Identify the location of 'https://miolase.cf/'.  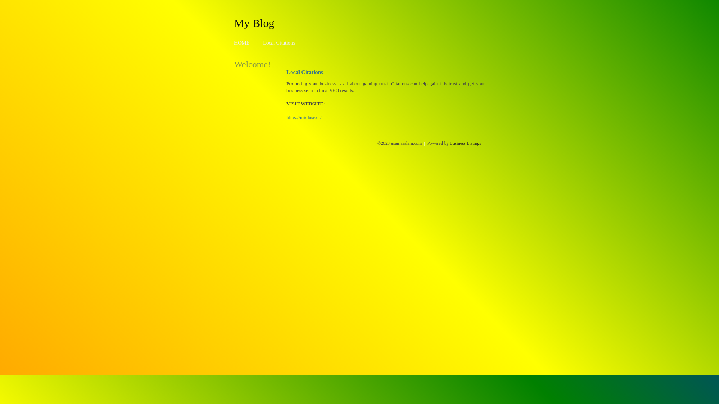
(286, 117).